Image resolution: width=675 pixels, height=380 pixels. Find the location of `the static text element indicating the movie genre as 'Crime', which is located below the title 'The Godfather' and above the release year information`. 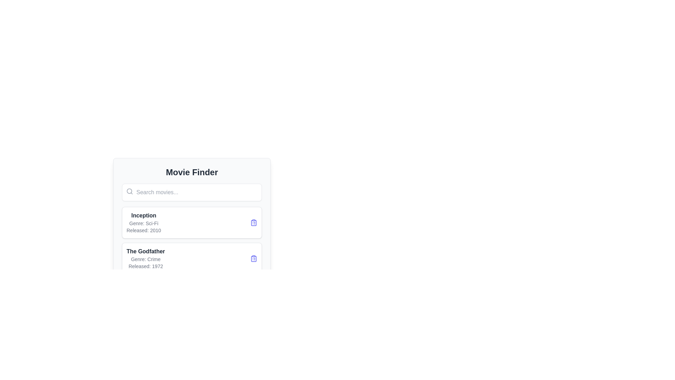

the static text element indicating the movie genre as 'Crime', which is located below the title 'The Godfather' and above the release year information is located at coordinates (145, 259).